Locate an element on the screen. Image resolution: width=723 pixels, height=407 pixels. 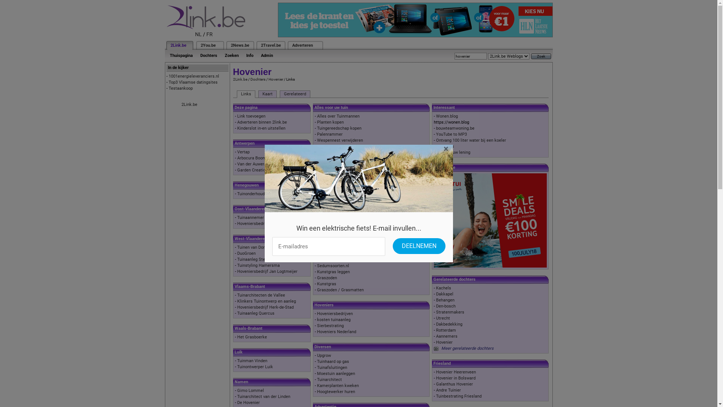
'Tuingereedschap kopen' is located at coordinates (339, 128).